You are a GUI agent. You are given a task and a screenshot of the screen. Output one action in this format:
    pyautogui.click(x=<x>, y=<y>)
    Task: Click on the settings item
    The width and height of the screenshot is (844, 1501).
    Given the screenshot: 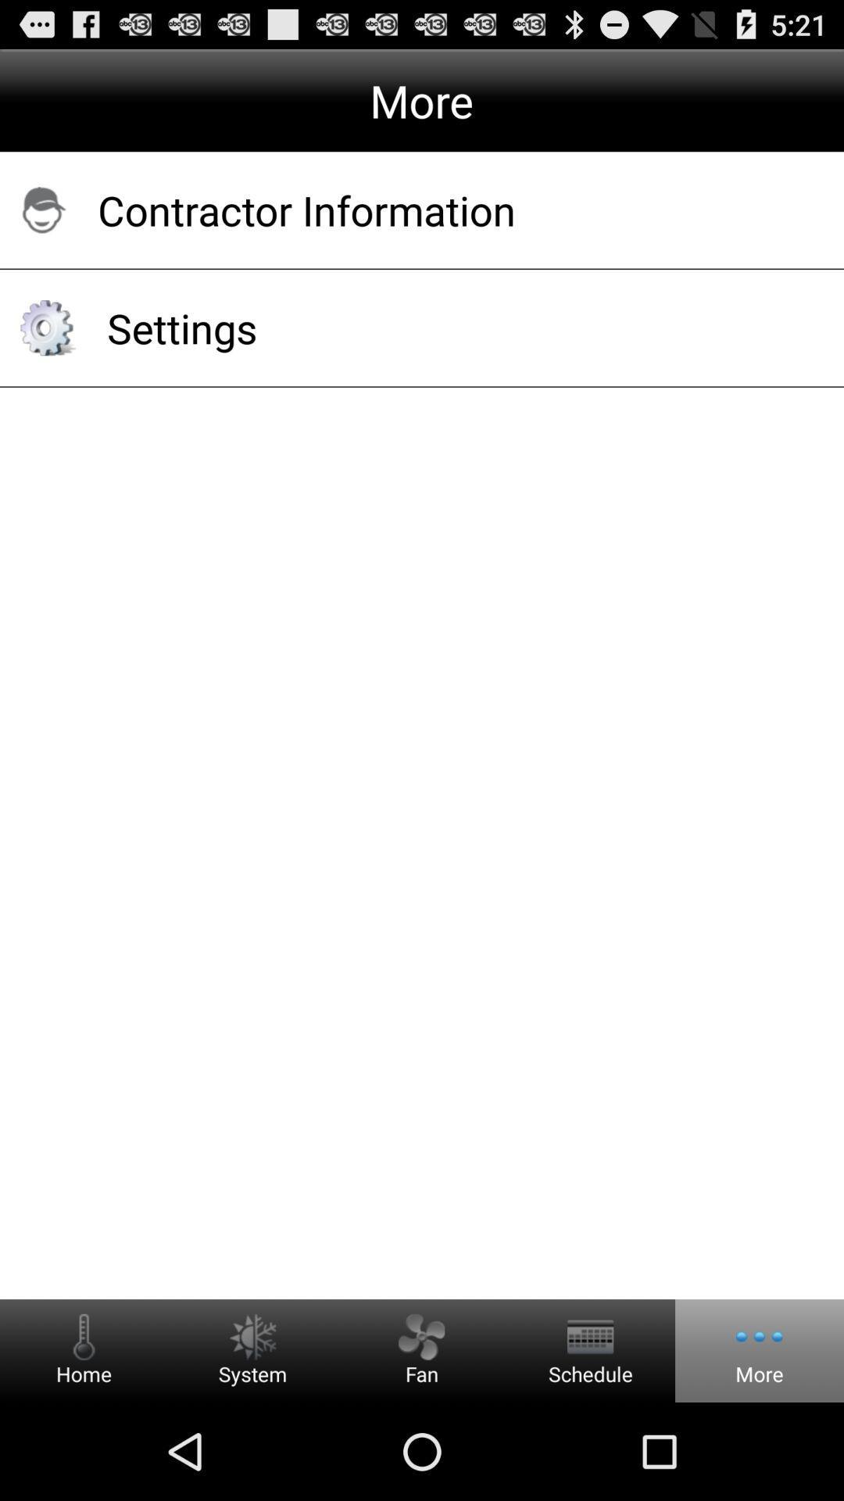 What is the action you would take?
    pyautogui.click(x=455, y=327)
    